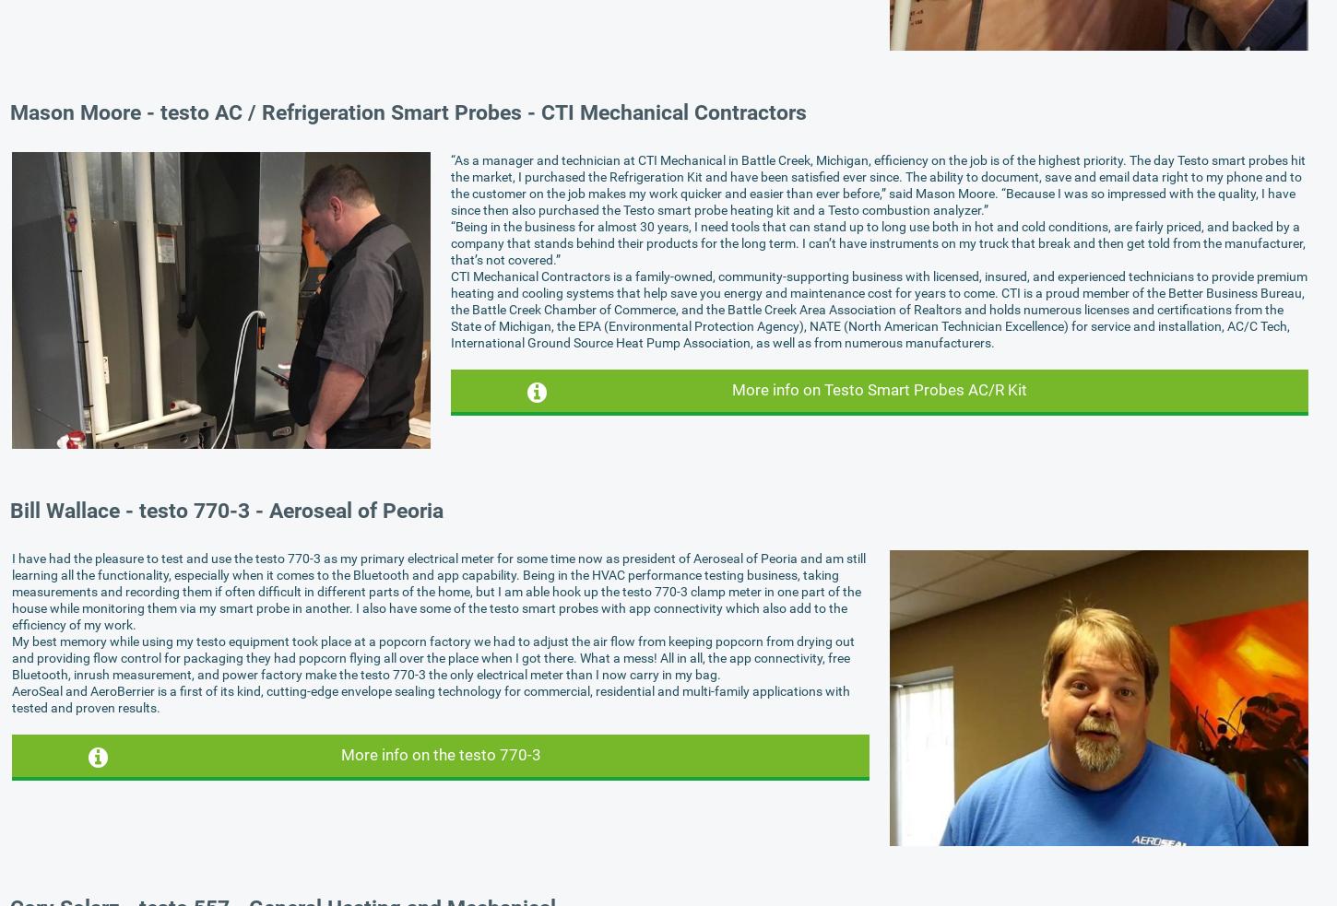 This screenshot has width=1337, height=906. Describe the element at coordinates (450, 184) in the screenshot. I see `'“As a manager and technician at CTI Mechanical in Battle Creek, Michigan, efficiency on the job is of the highest priority. The day Testo smart probes hit the market, I purchased the Refrigeration Kit and have been satisfied ever since. The ability to document, save and email data right to my phone and to the customer on the job makes my work quicker and easier than ever before,” said Mason Moore. “Because I was so impressed with the quality, I have since then also purchased the Testo smart probe heating kit and a Testo combustion analyzer.”'` at that location.